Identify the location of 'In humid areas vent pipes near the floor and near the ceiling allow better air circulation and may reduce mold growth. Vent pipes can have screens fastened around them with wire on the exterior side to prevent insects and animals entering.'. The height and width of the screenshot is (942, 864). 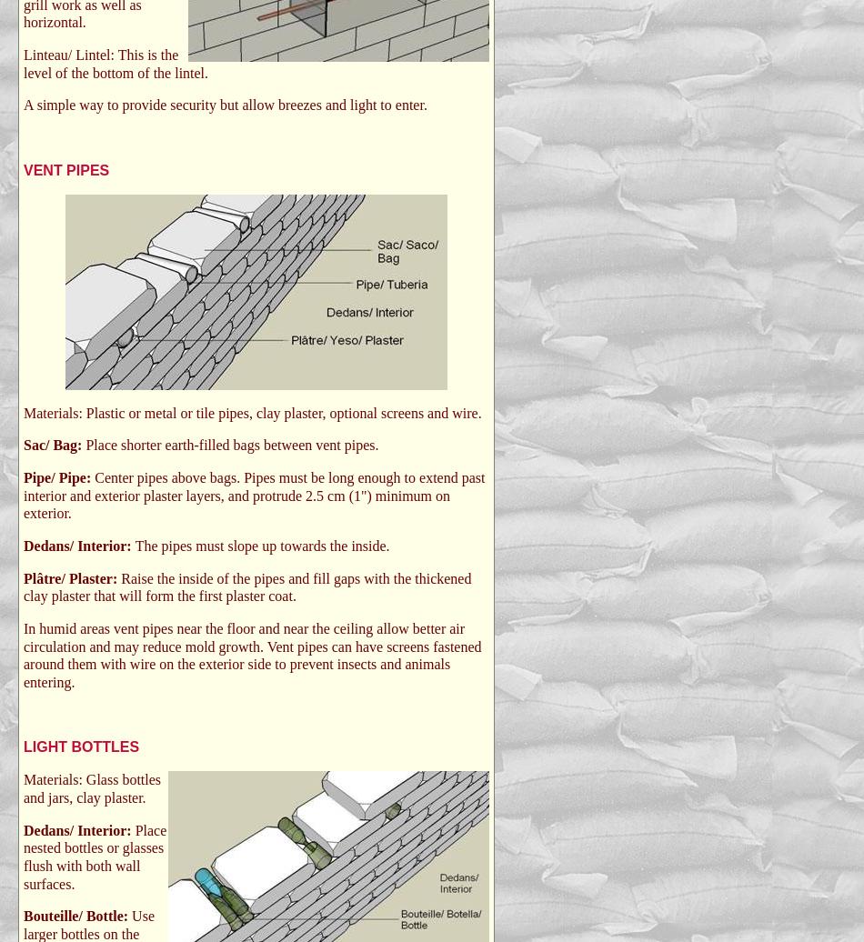
(251, 655).